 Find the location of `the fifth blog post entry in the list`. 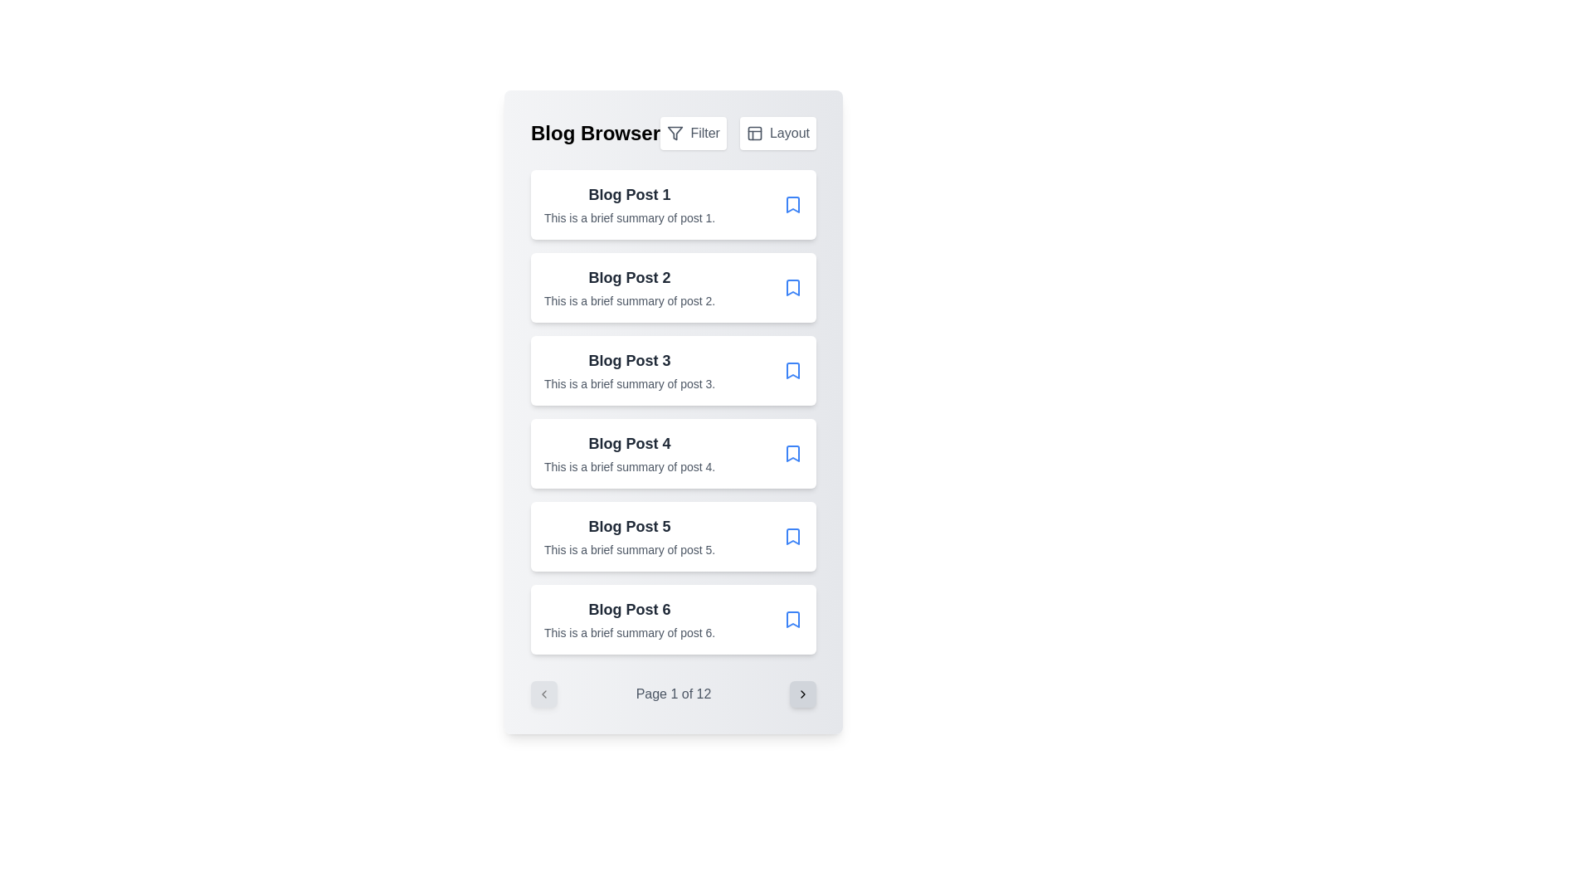

the fifth blog post entry in the list is located at coordinates (629, 537).